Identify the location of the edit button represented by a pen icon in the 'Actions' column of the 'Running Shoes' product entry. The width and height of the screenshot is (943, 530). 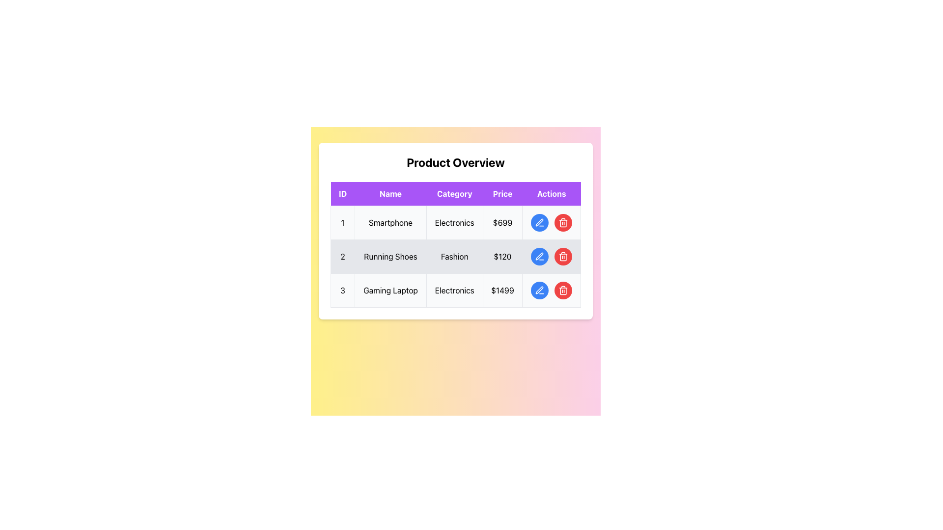
(539, 256).